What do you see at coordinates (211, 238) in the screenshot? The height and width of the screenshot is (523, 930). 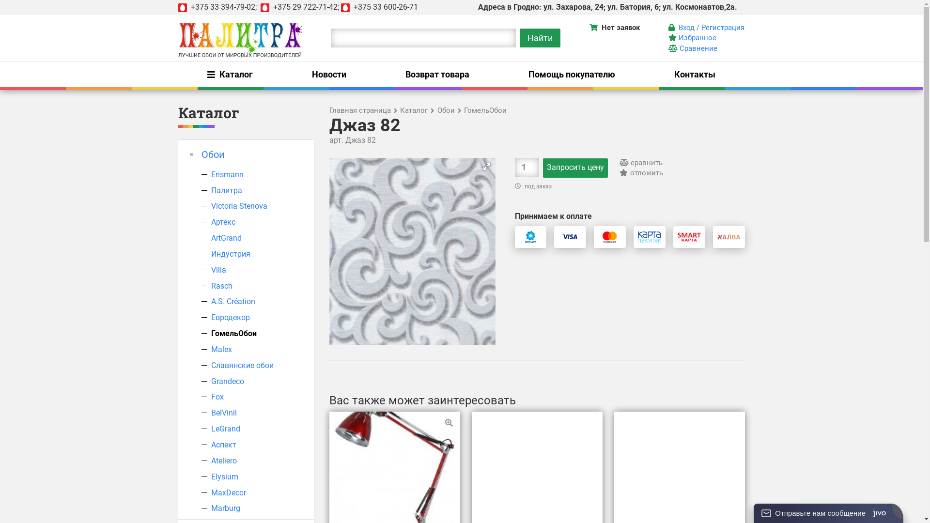 I see `'ArtGrand'` at bounding box center [211, 238].